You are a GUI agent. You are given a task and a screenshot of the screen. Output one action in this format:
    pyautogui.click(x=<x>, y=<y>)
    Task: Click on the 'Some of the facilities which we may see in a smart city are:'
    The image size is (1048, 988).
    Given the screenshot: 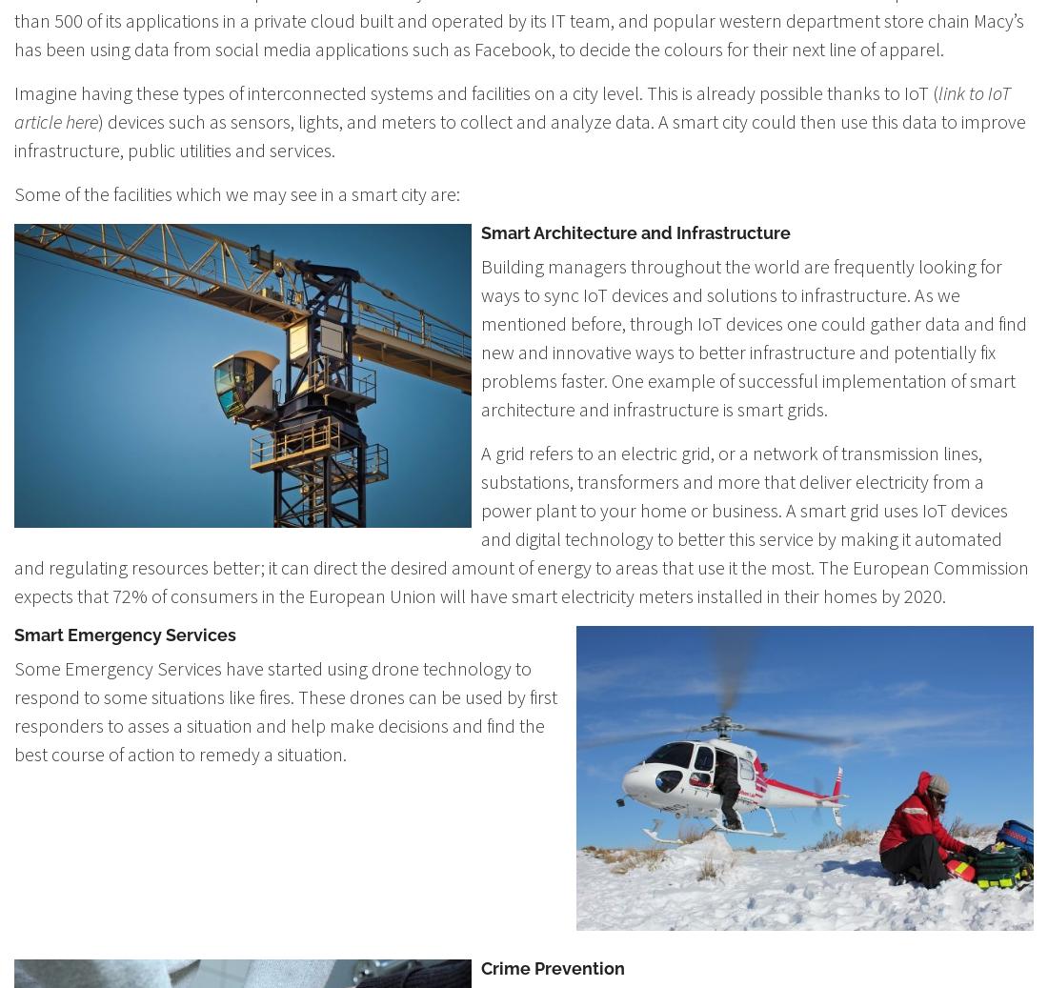 What is the action you would take?
    pyautogui.click(x=237, y=192)
    